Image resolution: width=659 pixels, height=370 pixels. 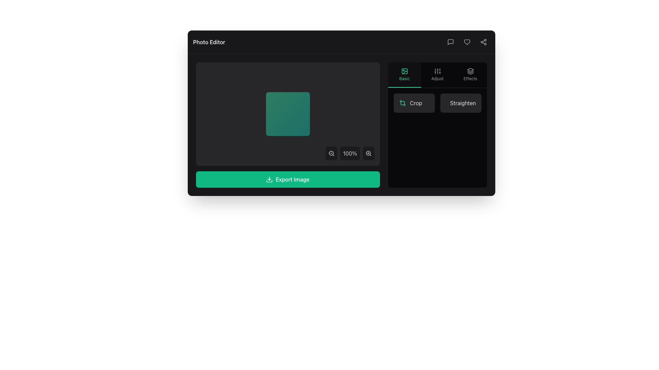 What do you see at coordinates (437, 75) in the screenshot?
I see `the 'Adjust' tab featuring an icon of three vertical sliders` at bounding box center [437, 75].